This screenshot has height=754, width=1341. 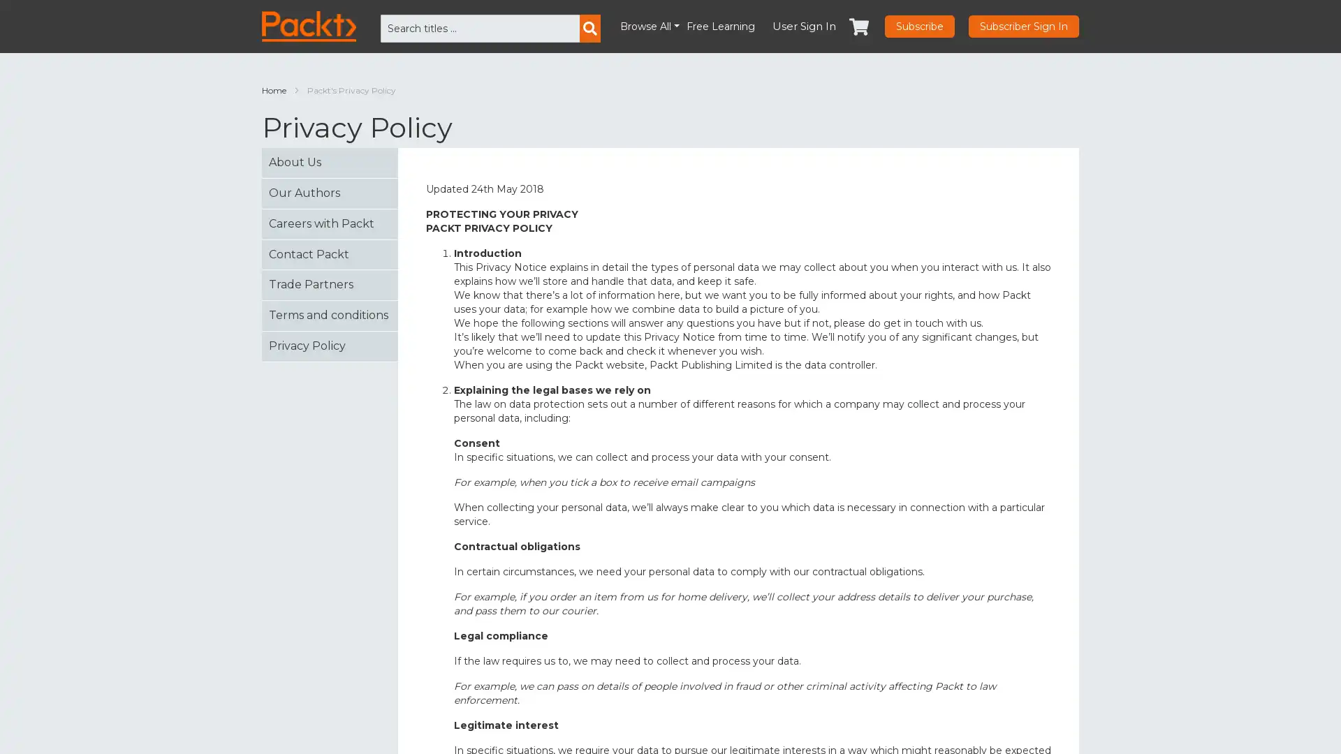 I want to click on More Info, so click(x=1142, y=724).